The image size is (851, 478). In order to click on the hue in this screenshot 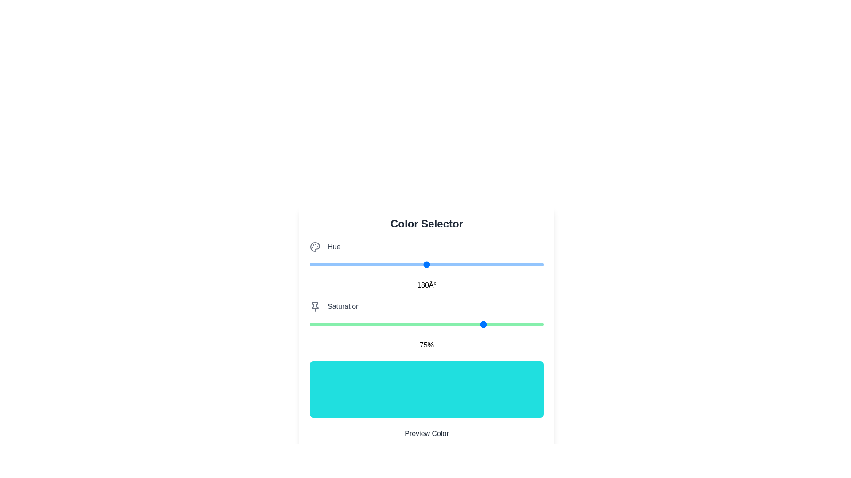, I will do `click(423, 264)`.